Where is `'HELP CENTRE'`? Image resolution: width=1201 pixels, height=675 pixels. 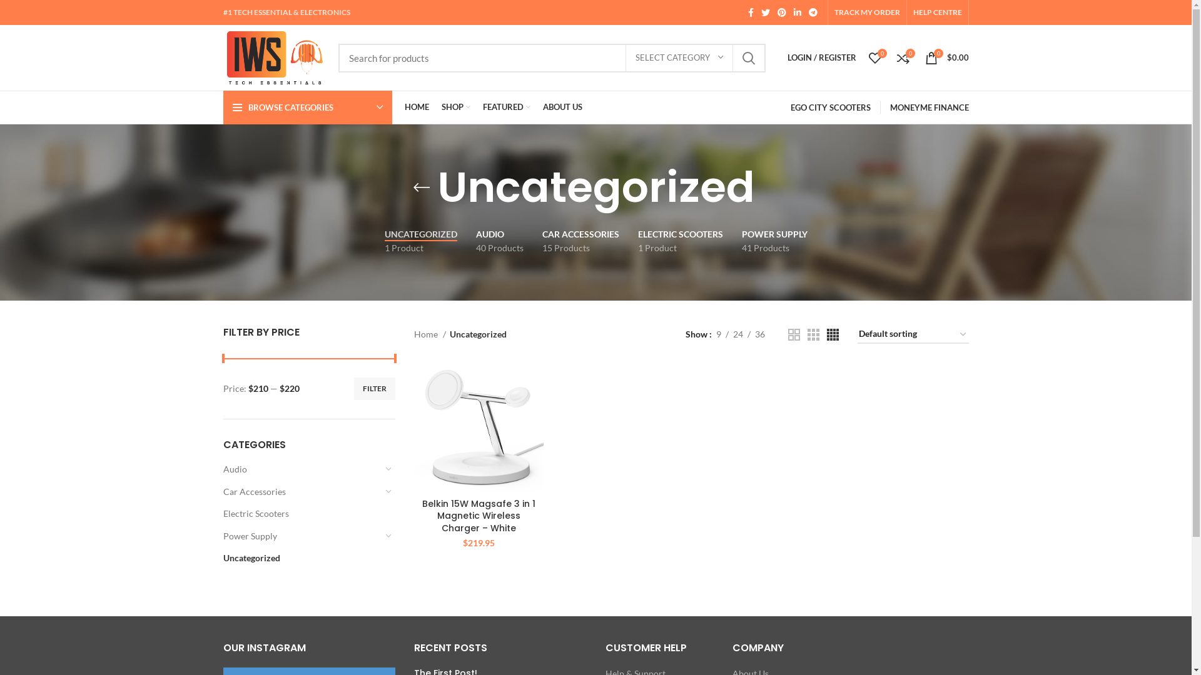 'HELP CENTRE' is located at coordinates (937, 12).